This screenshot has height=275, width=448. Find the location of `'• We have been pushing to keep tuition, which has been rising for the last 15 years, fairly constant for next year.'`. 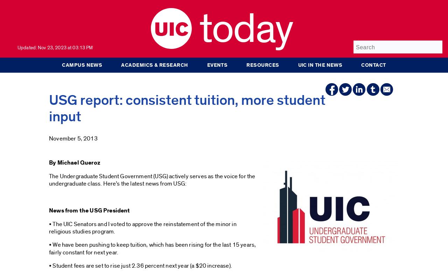

'• We have been pushing to keep tuition, which has been rising for the last 15 years, fairly constant for next year.' is located at coordinates (152, 248).